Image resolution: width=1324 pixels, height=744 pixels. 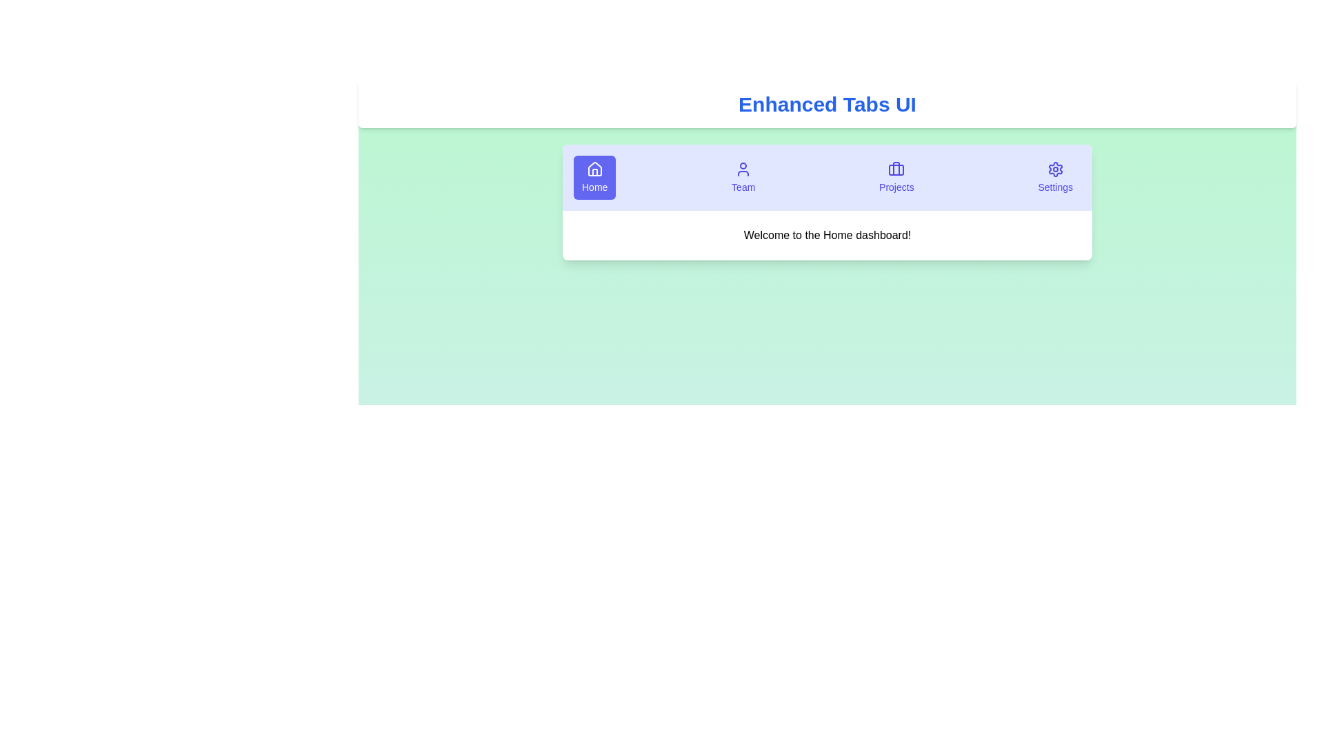 I want to click on the 'Home' button in the navigation menu, which is a purple rectangular button with rounded corners displaying a house icon and the text 'Home' in white, so click(x=594, y=177).